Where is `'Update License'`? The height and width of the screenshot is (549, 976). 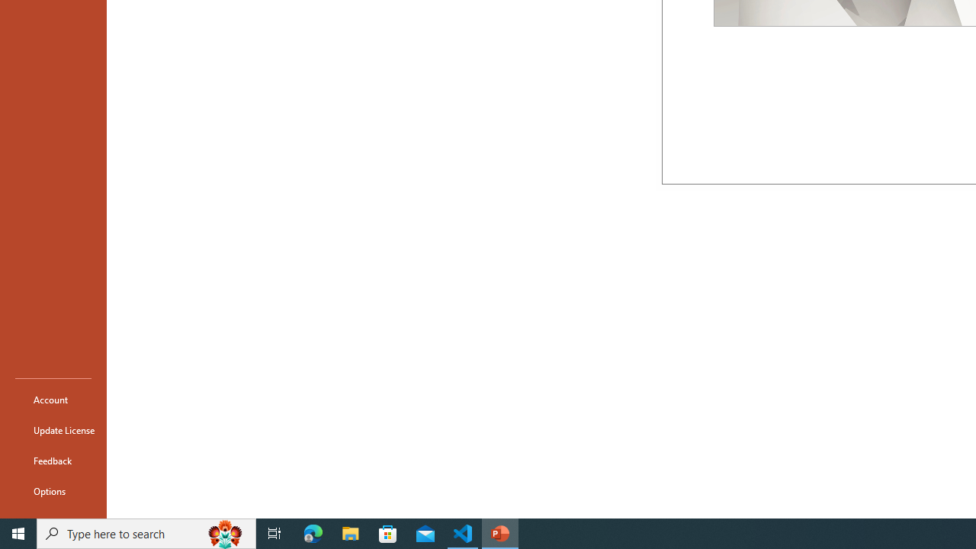 'Update License' is located at coordinates (53, 430).